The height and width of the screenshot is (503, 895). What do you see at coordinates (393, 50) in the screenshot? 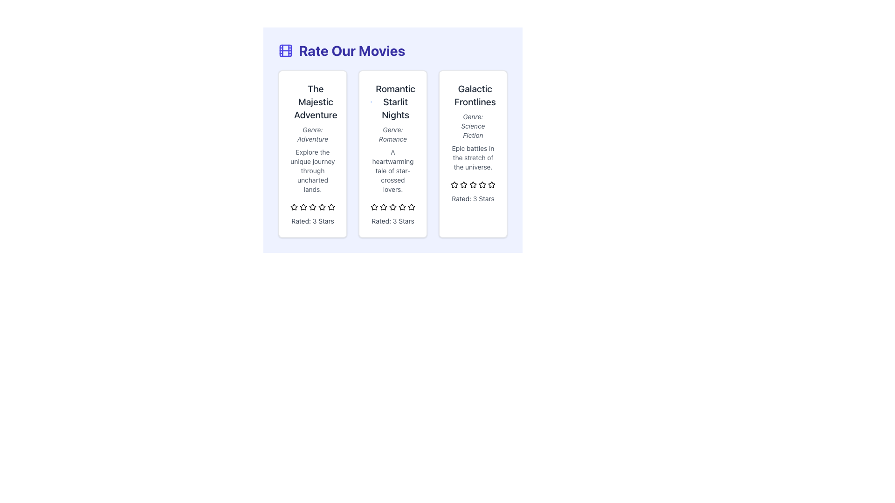
I see `the film reel icon adjacent to the 'Rate Our Movies' heading, which is prominently displayed in large, bold, indigo-colored font` at bounding box center [393, 50].